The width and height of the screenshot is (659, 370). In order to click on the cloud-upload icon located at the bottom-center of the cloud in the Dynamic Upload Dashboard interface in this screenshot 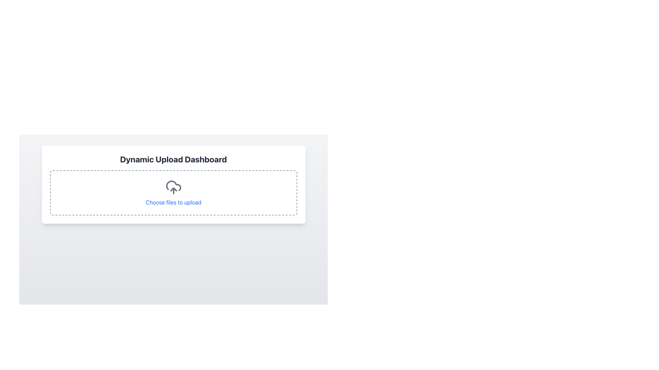, I will do `click(173, 189)`.